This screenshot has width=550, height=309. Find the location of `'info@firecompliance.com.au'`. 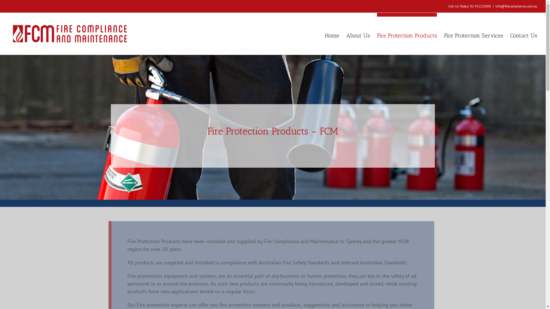

'info@firecompliance.com.au' is located at coordinates (495, 6).